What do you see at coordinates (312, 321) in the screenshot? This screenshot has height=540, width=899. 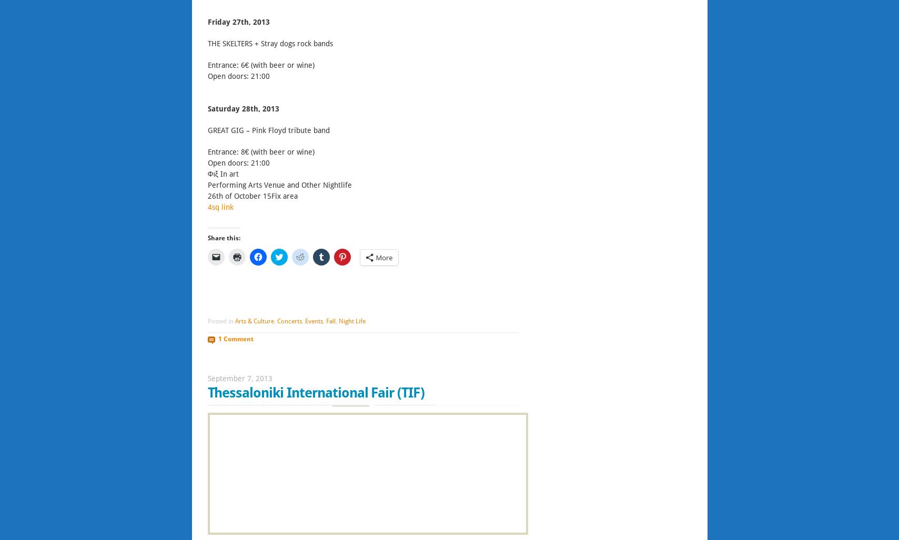 I see `'Events'` at bounding box center [312, 321].